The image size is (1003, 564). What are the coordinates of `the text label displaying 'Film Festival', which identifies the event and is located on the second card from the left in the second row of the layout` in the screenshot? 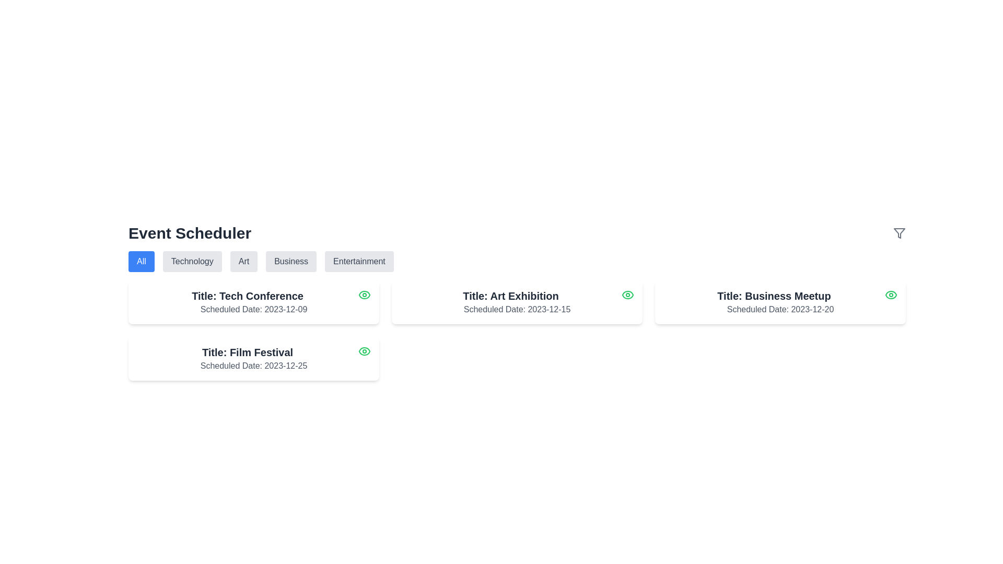 It's located at (253, 352).